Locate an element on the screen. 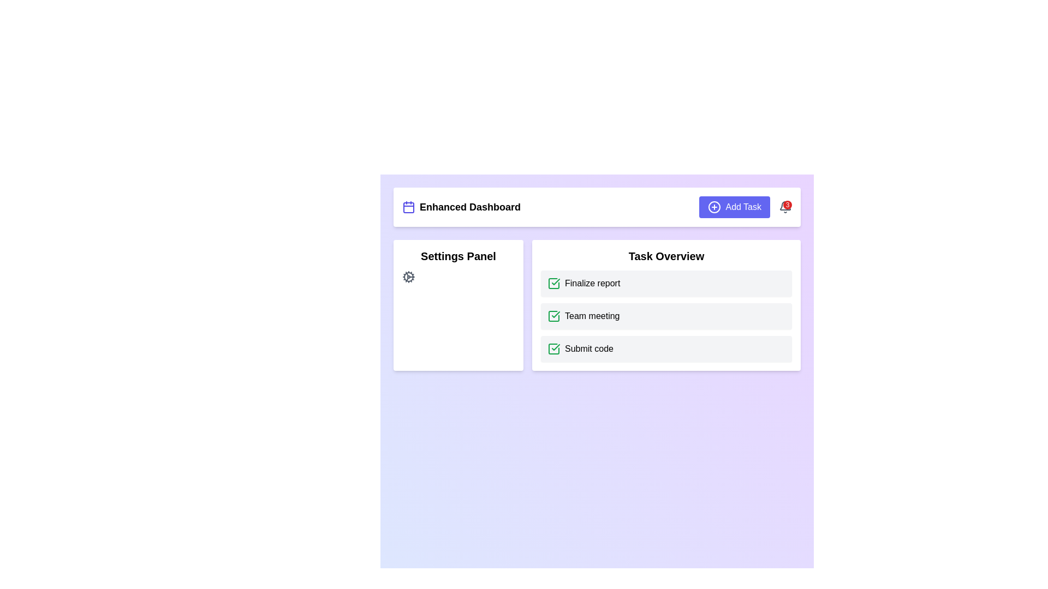 Image resolution: width=1048 pixels, height=589 pixels. the text label that reads 'Finalize report' located is located at coordinates (592, 283).